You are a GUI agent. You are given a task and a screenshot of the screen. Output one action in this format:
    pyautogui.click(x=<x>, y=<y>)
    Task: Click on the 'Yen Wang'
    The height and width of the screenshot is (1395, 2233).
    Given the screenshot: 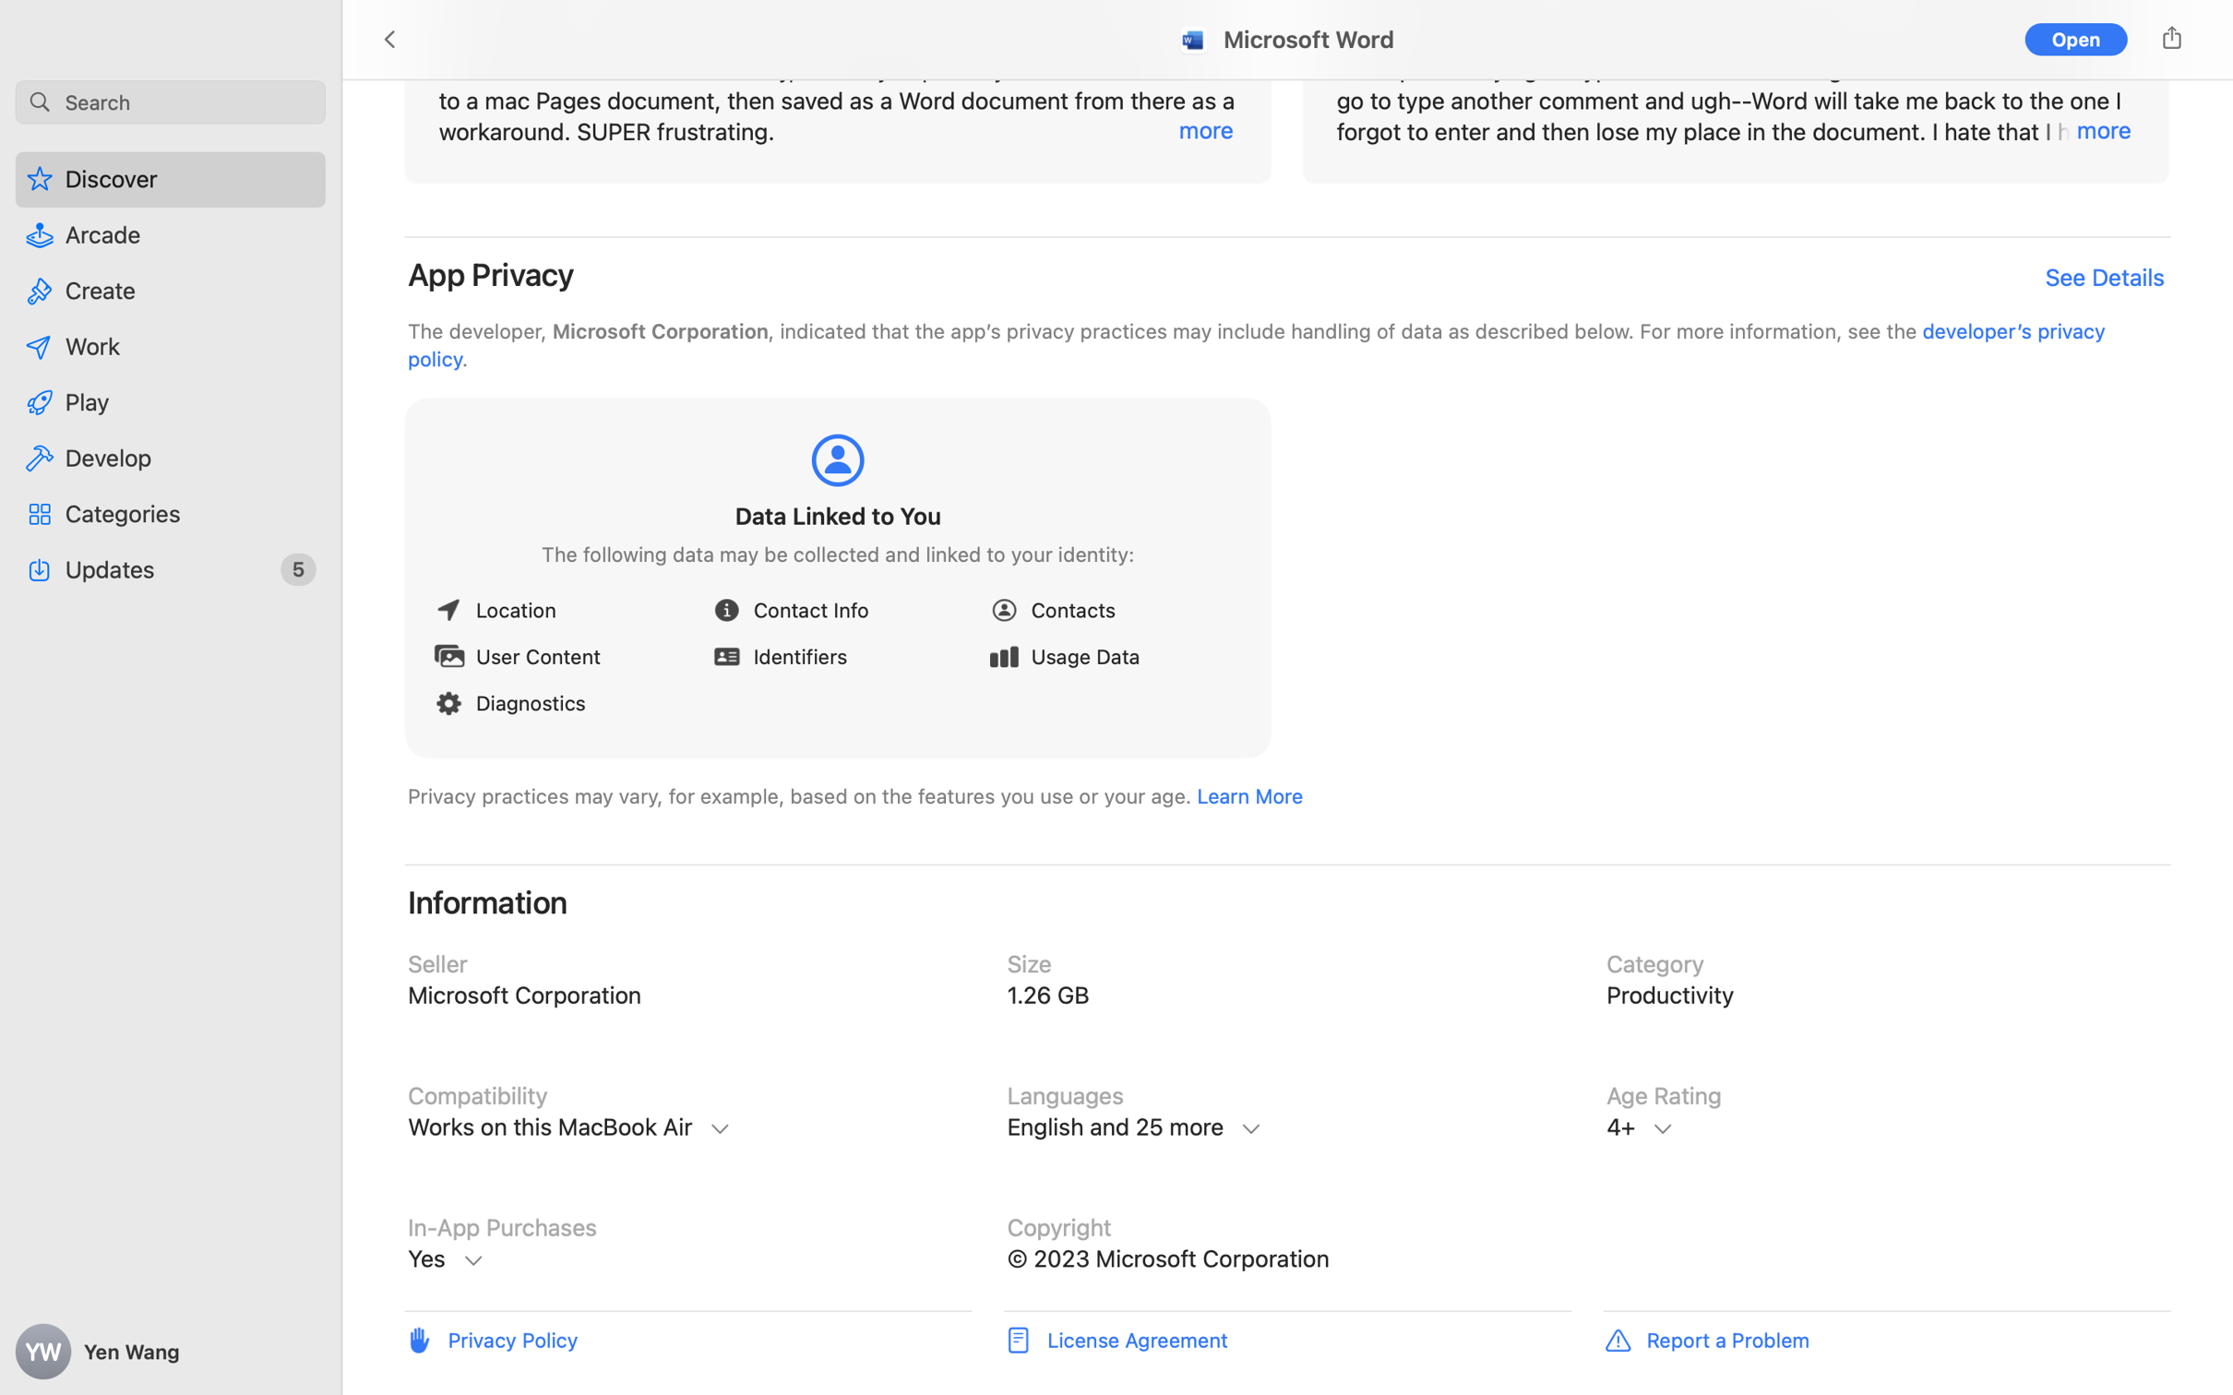 What is the action you would take?
    pyautogui.click(x=171, y=1352)
    